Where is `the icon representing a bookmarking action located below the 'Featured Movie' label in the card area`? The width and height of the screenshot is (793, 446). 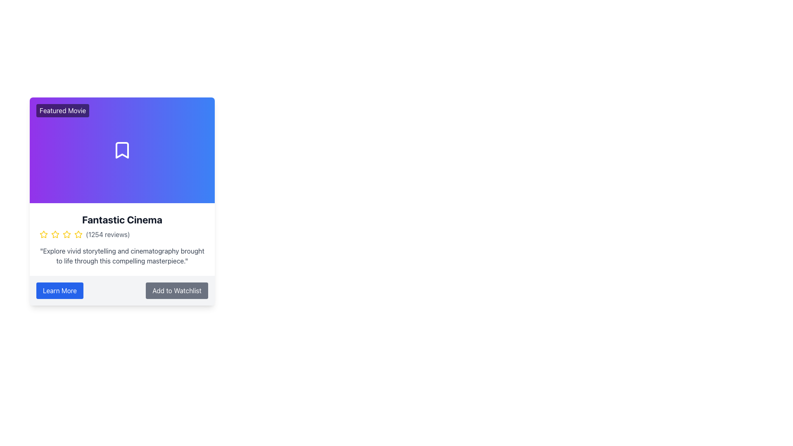 the icon representing a bookmarking action located below the 'Featured Movie' label in the card area is located at coordinates (122, 150).